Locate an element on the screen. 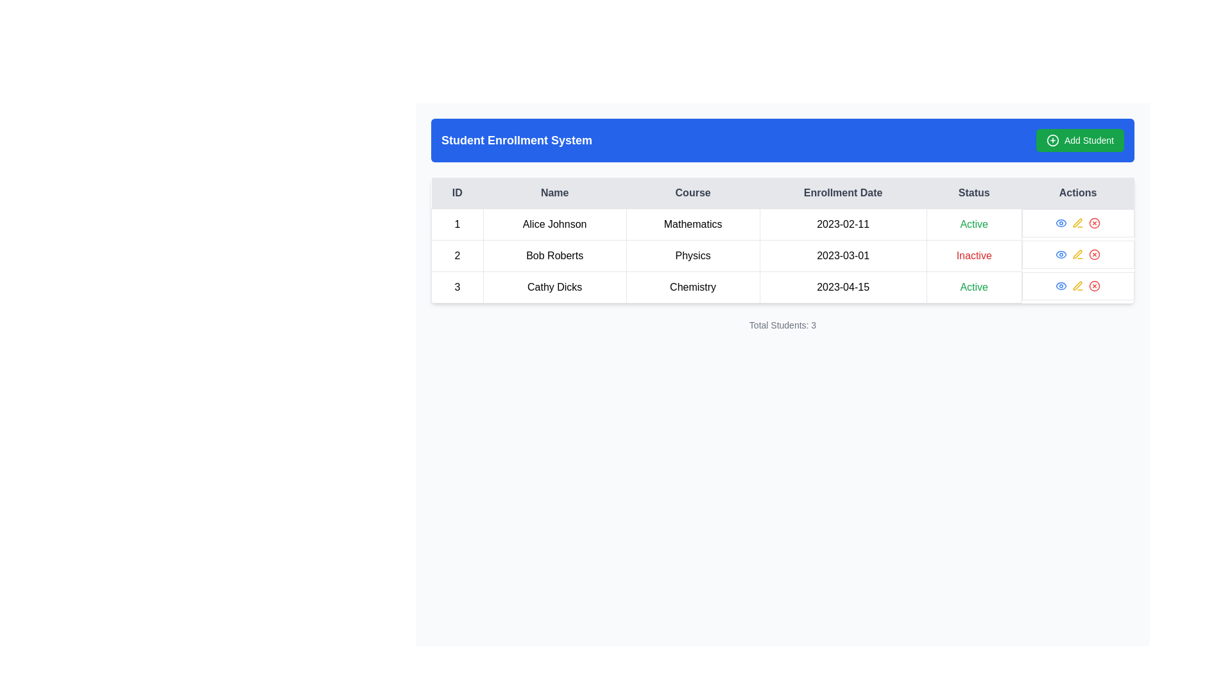 This screenshot has width=1232, height=693. the Interactive icon in the 'Actions' column for 'Bob Roberts' in 'Physics' is located at coordinates (1078, 222).